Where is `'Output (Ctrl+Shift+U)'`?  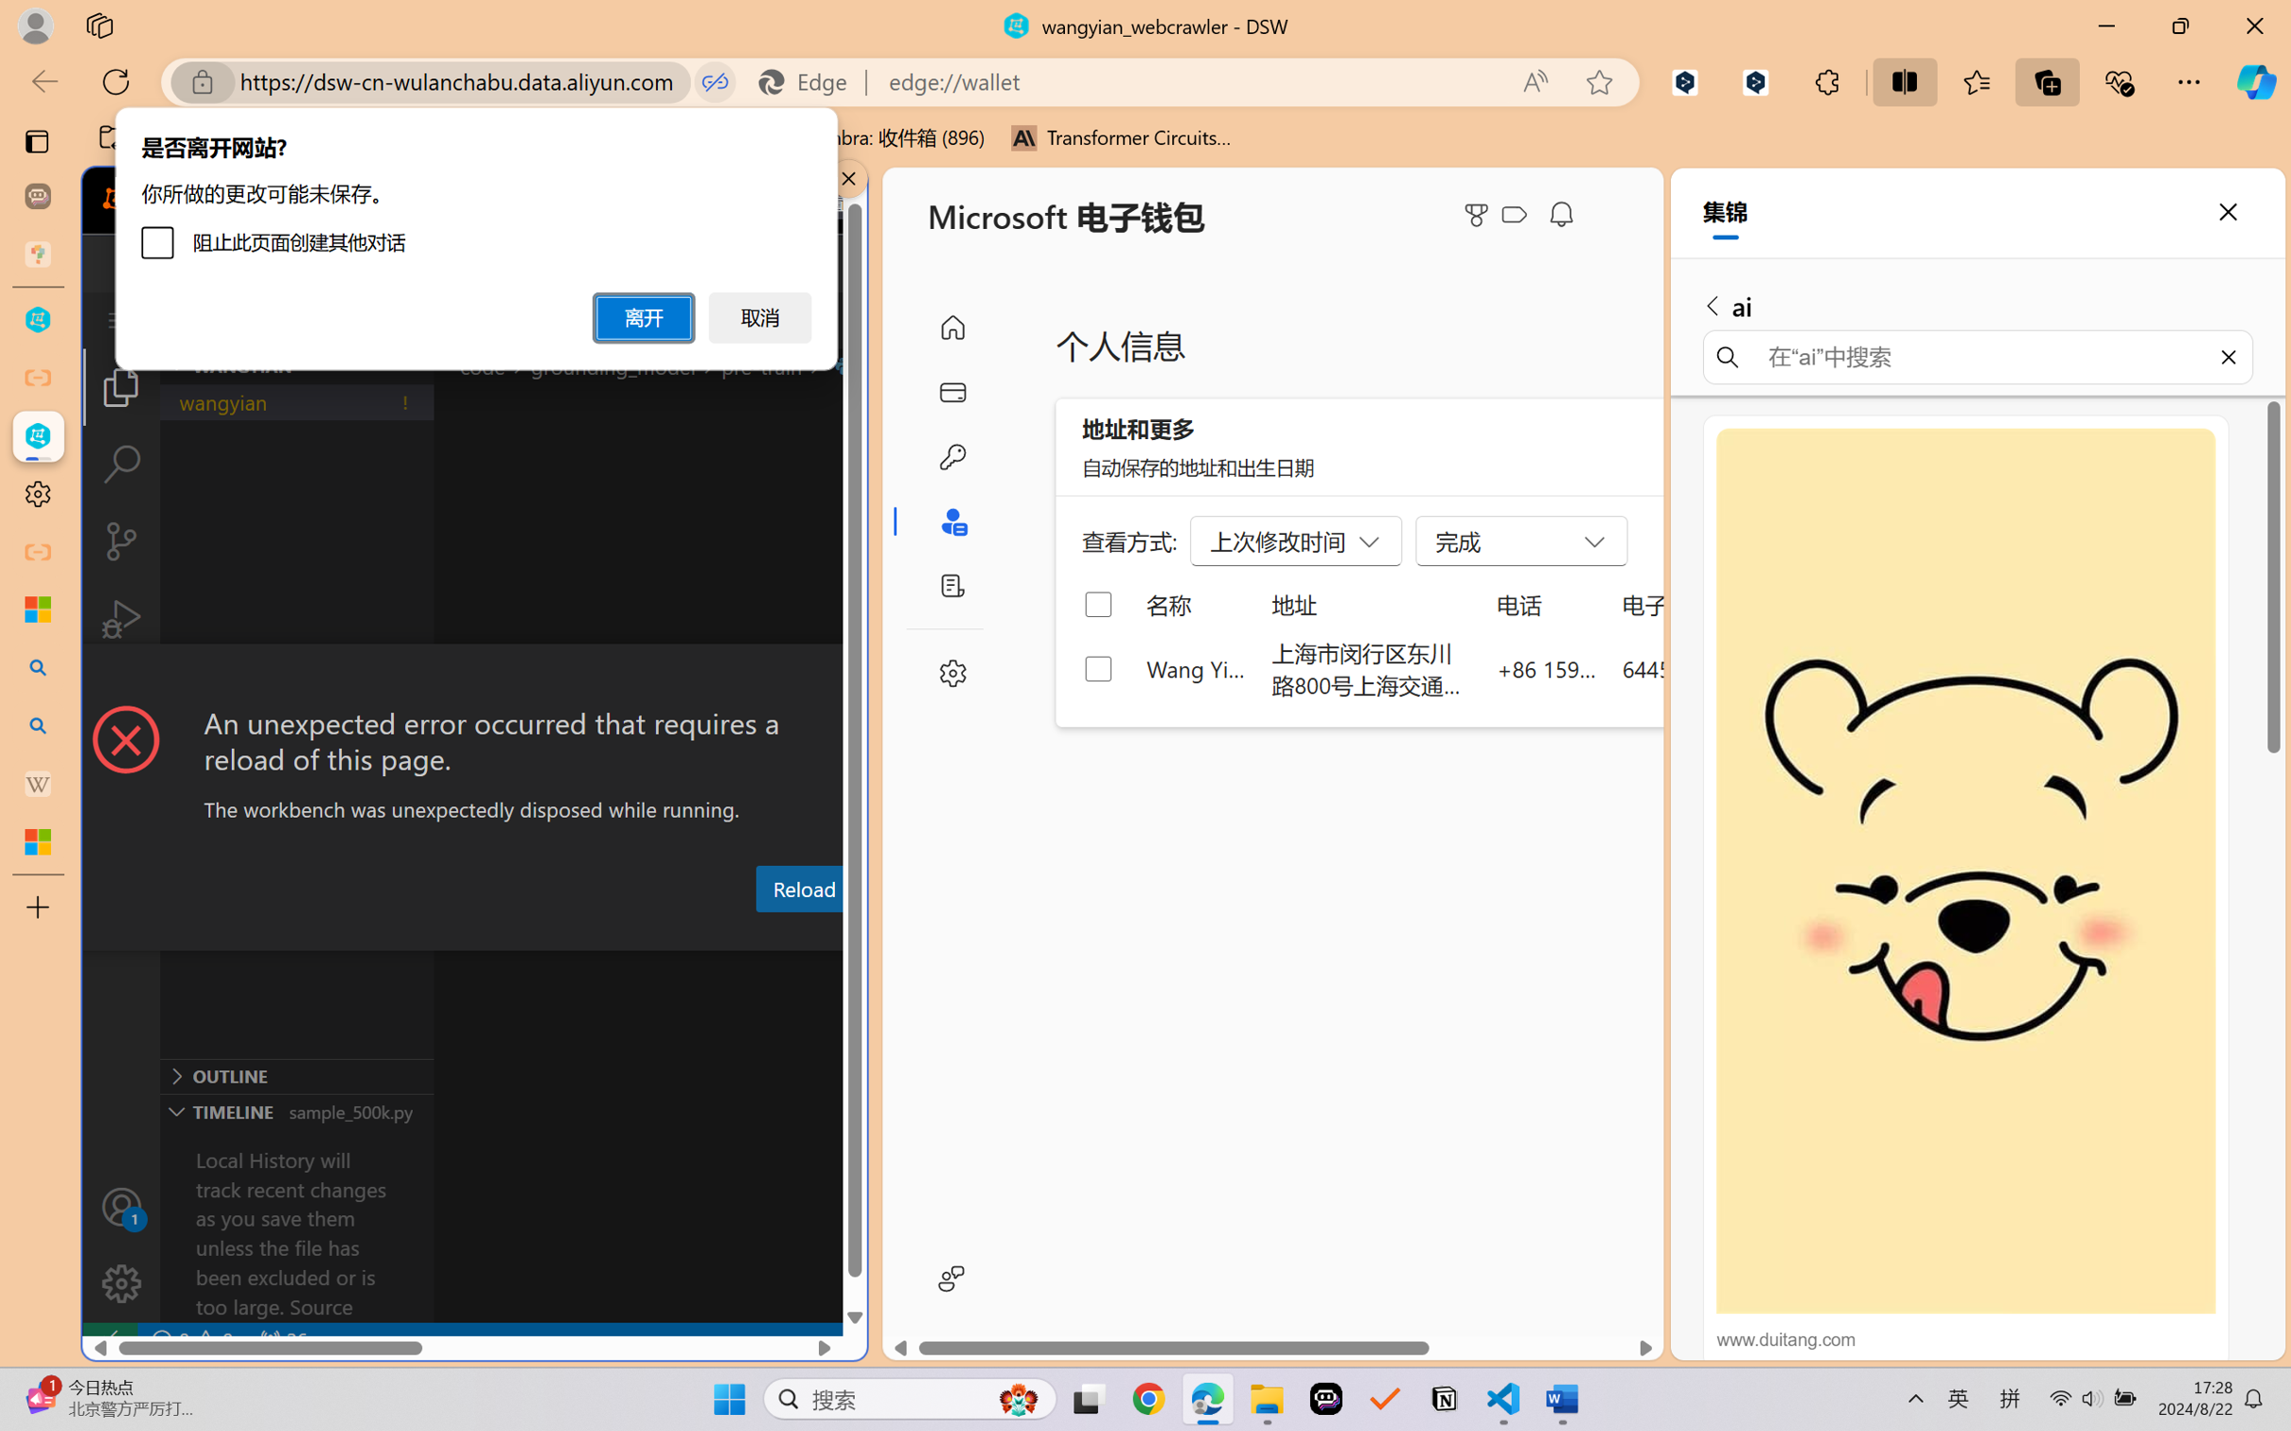
'Output (Ctrl+Shift+U)' is located at coordinates (622, 933).